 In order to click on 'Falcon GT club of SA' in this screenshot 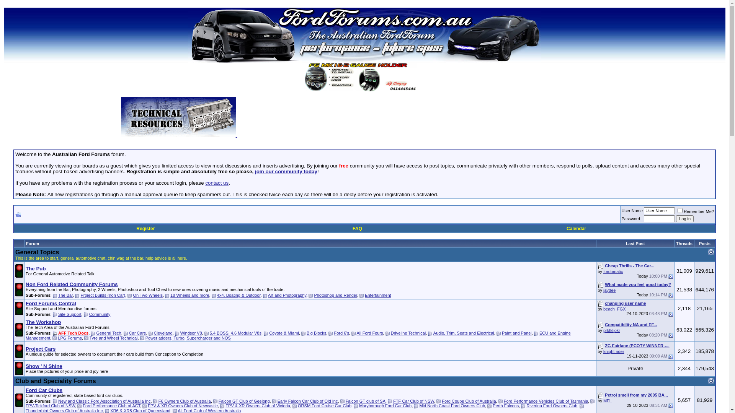, I will do `click(365, 401)`.